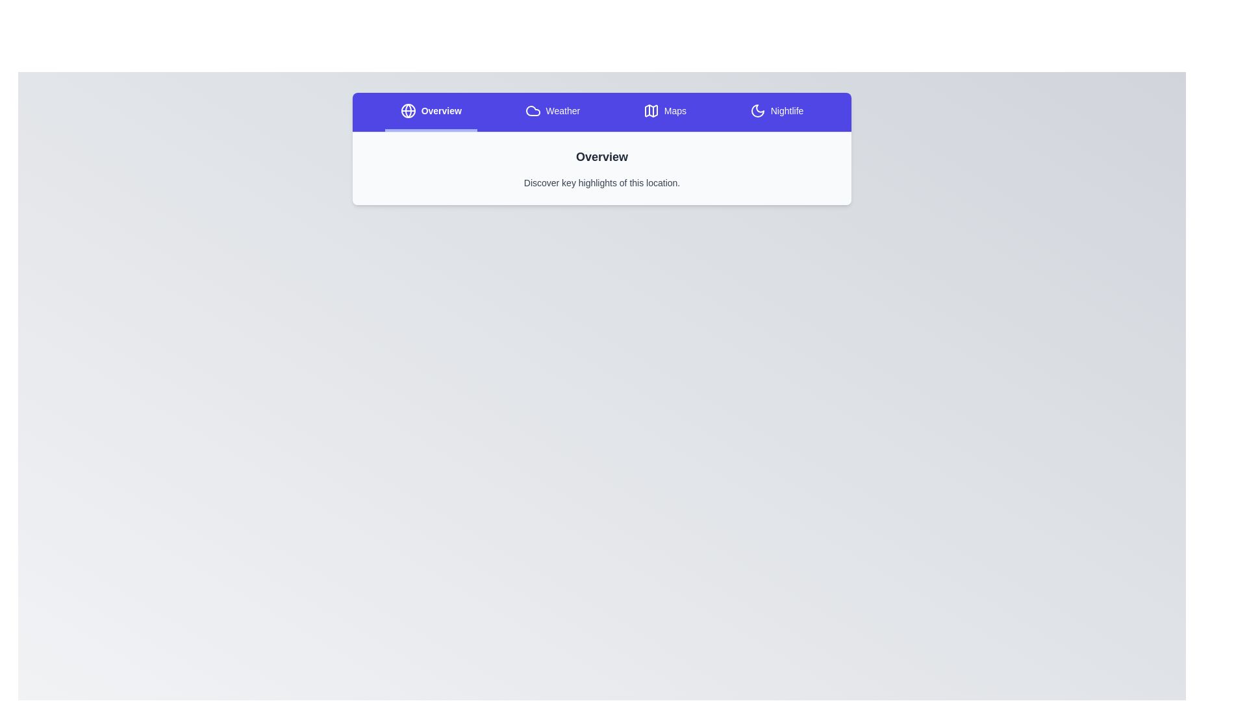 The height and width of the screenshot is (701, 1247). I want to click on the Maps tab, so click(664, 112).